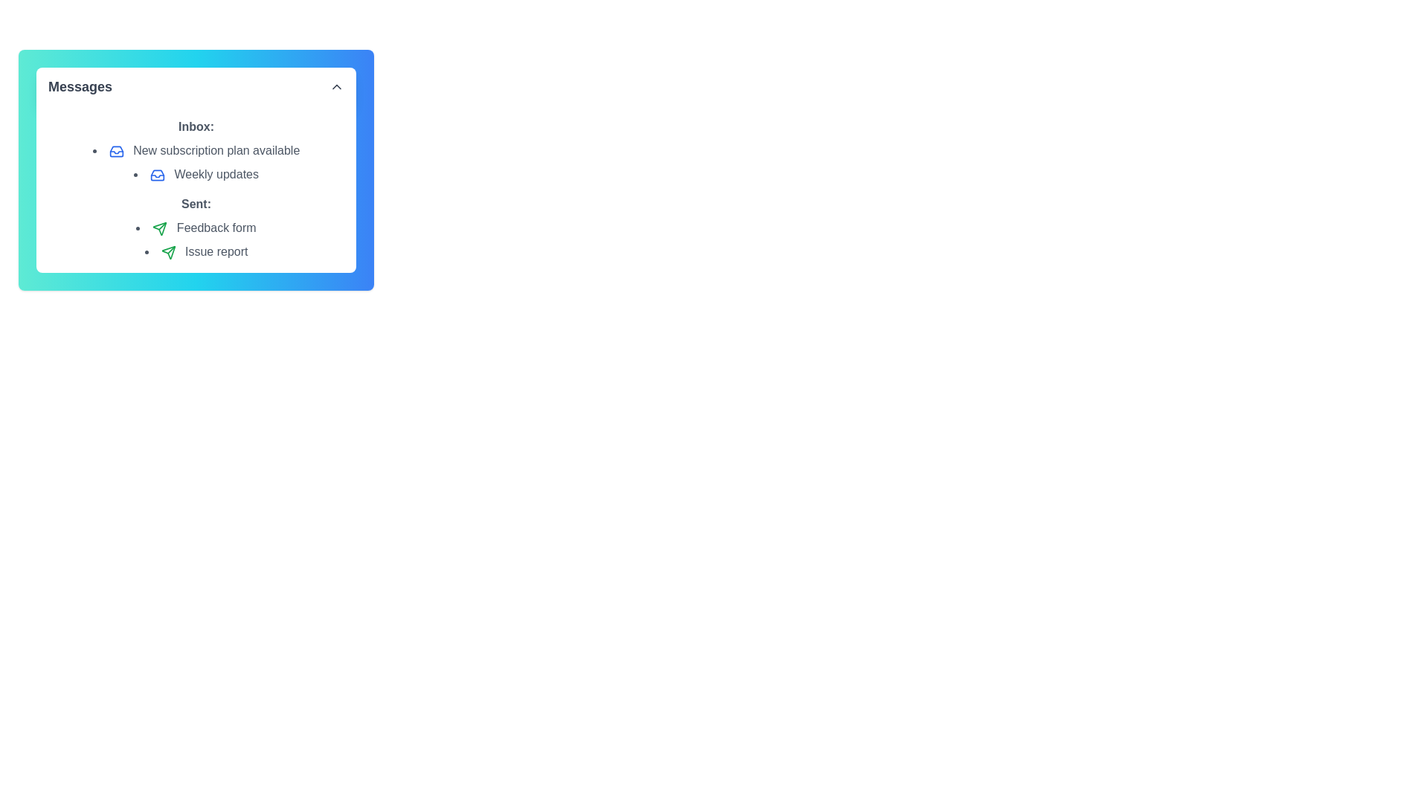 This screenshot has height=803, width=1428. Describe the element at coordinates (196, 169) in the screenshot. I see `the embedded icons within the message summary card UI component that categorizes messages into 'Inbox' and 'Sent'` at that location.